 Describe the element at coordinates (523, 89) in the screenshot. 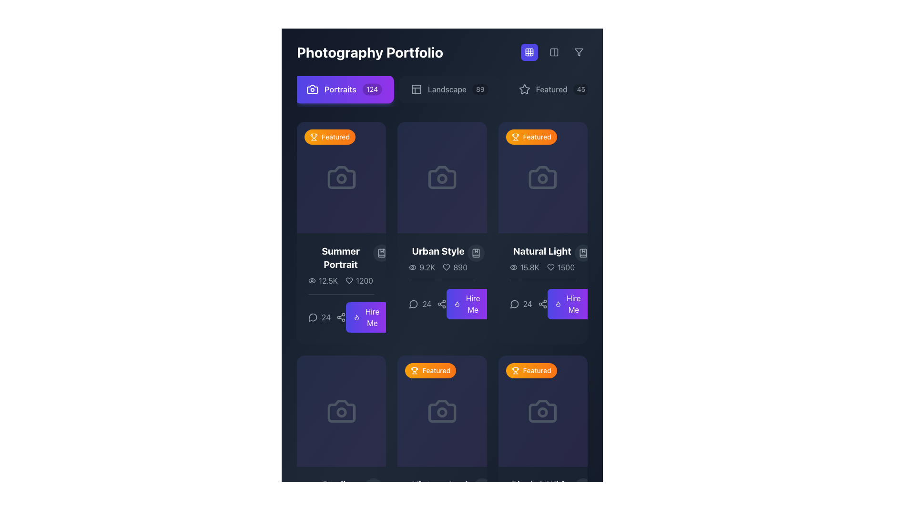

I see `the star-shaped icon located near the top-right corner of the interface` at that location.